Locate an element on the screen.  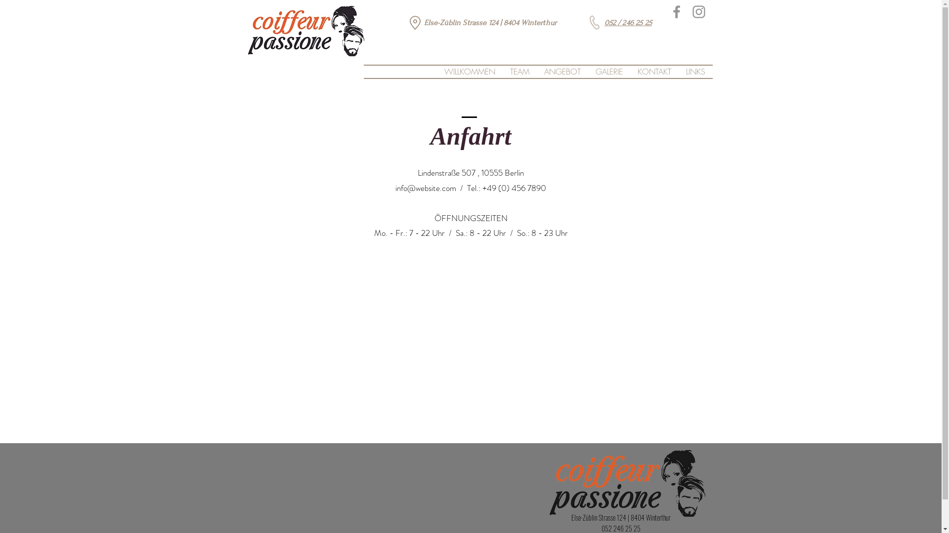
'info@website.com' is located at coordinates (395, 188).